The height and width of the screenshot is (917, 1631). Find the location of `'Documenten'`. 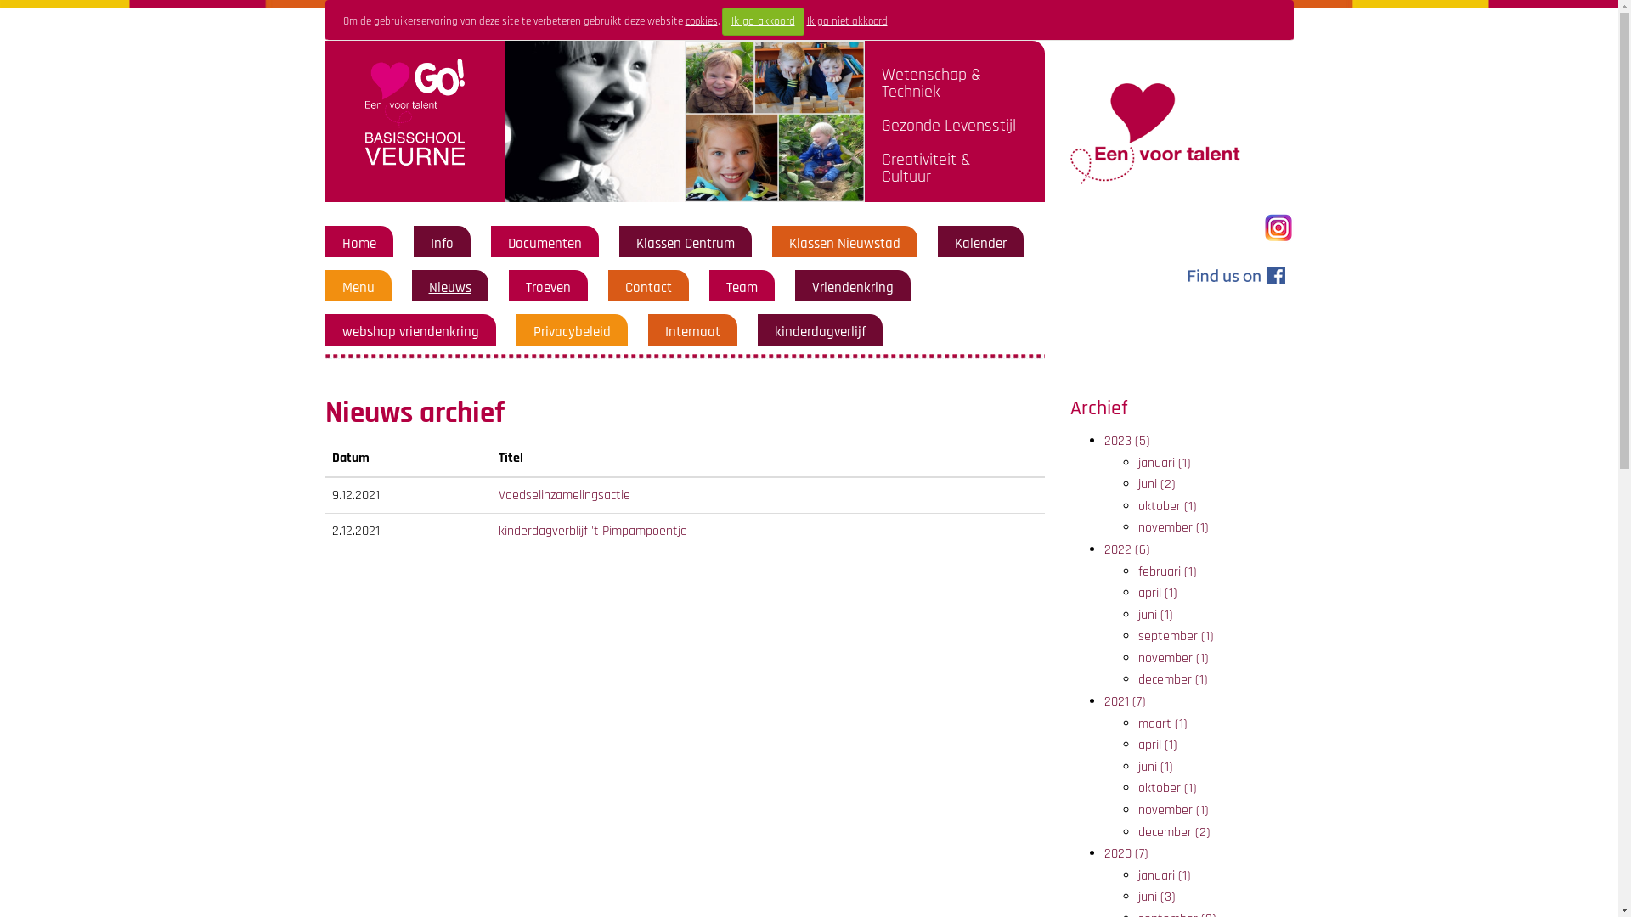

'Documenten' is located at coordinates (545, 243).